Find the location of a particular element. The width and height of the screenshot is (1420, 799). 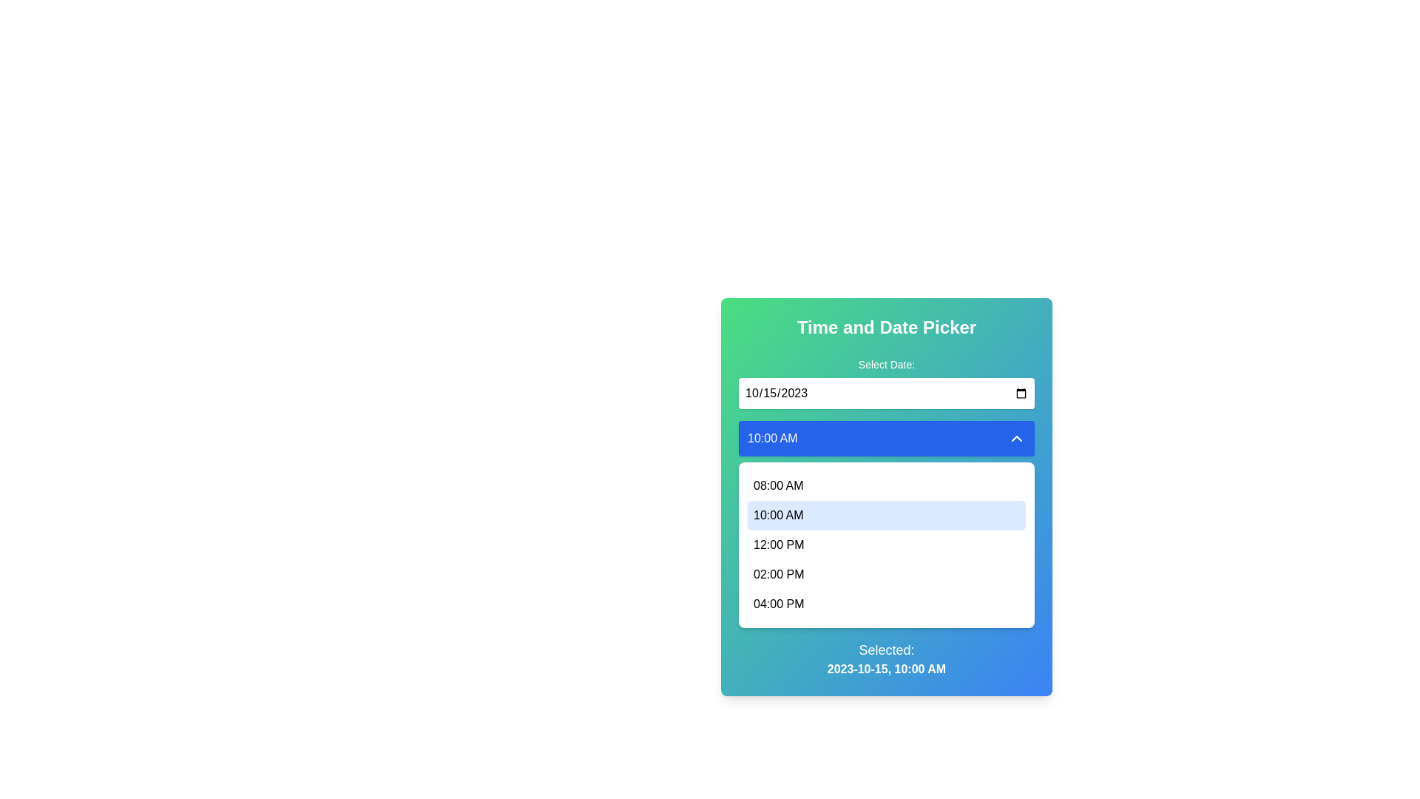

the text label displaying '2023-10-15, 10:00 AM' within the 'Time and Date Picker' interface, which is positioned below the dropdown menu and beside the label 'Selected:' is located at coordinates (887, 670).